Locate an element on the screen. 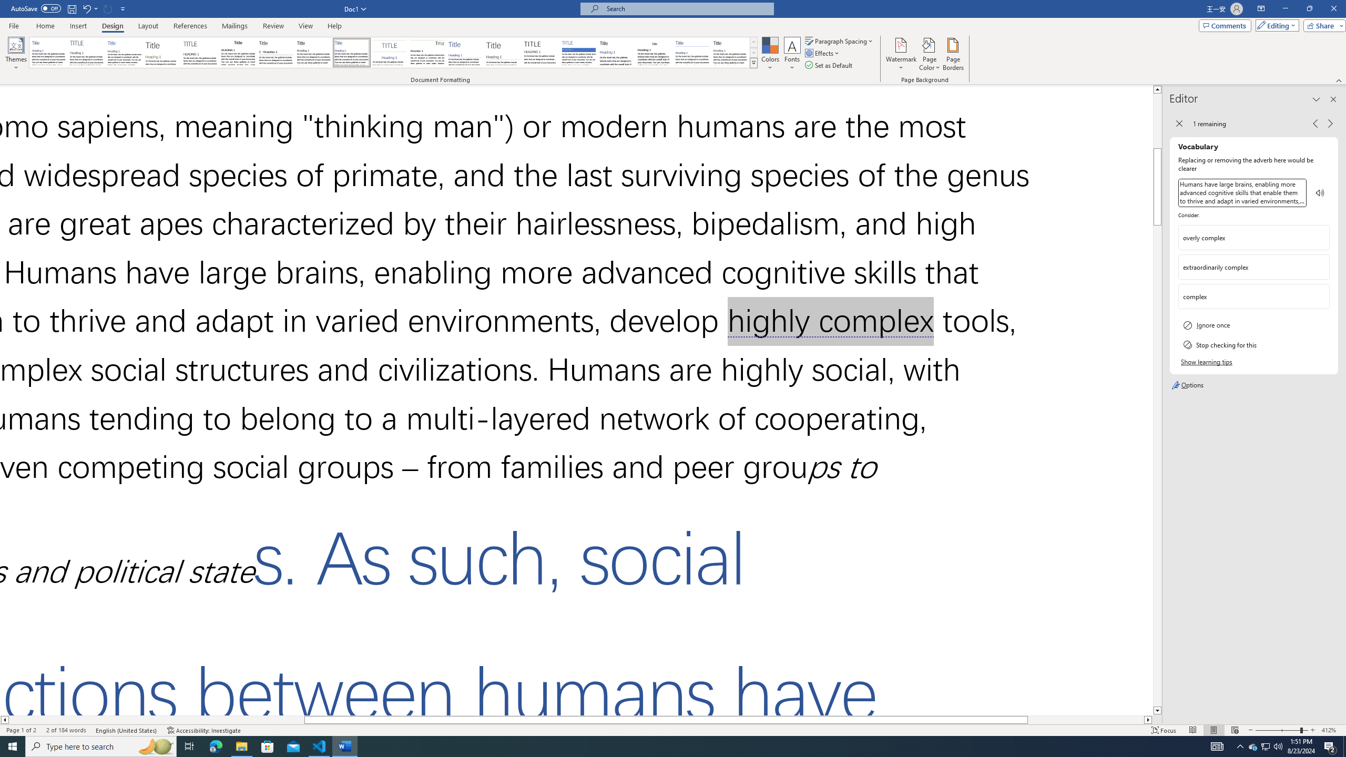 The width and height of the screenshot is (1346, 757). 'Shaded' is located at coordinates (578, 52).